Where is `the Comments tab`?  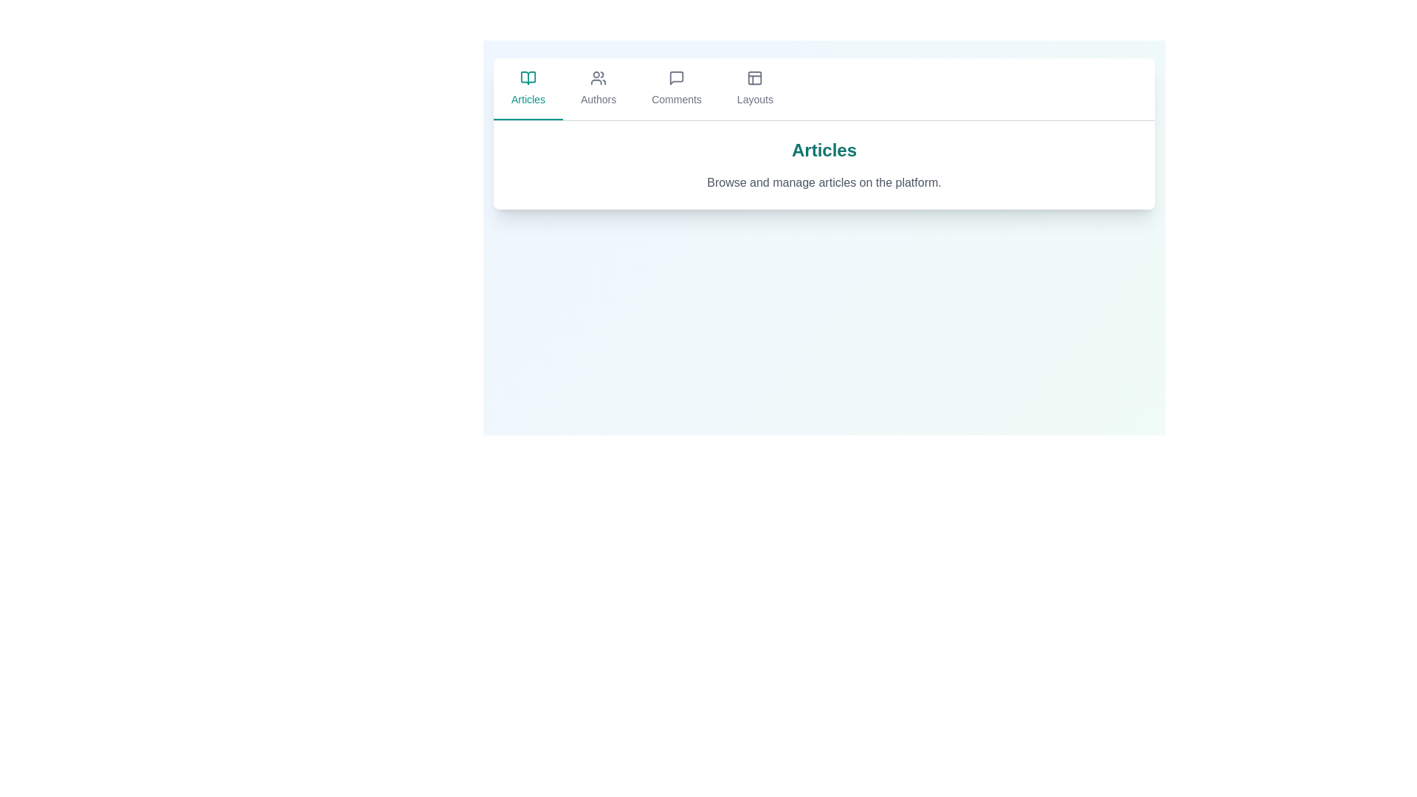 the Comments tab is located at coordinates (675, 89).